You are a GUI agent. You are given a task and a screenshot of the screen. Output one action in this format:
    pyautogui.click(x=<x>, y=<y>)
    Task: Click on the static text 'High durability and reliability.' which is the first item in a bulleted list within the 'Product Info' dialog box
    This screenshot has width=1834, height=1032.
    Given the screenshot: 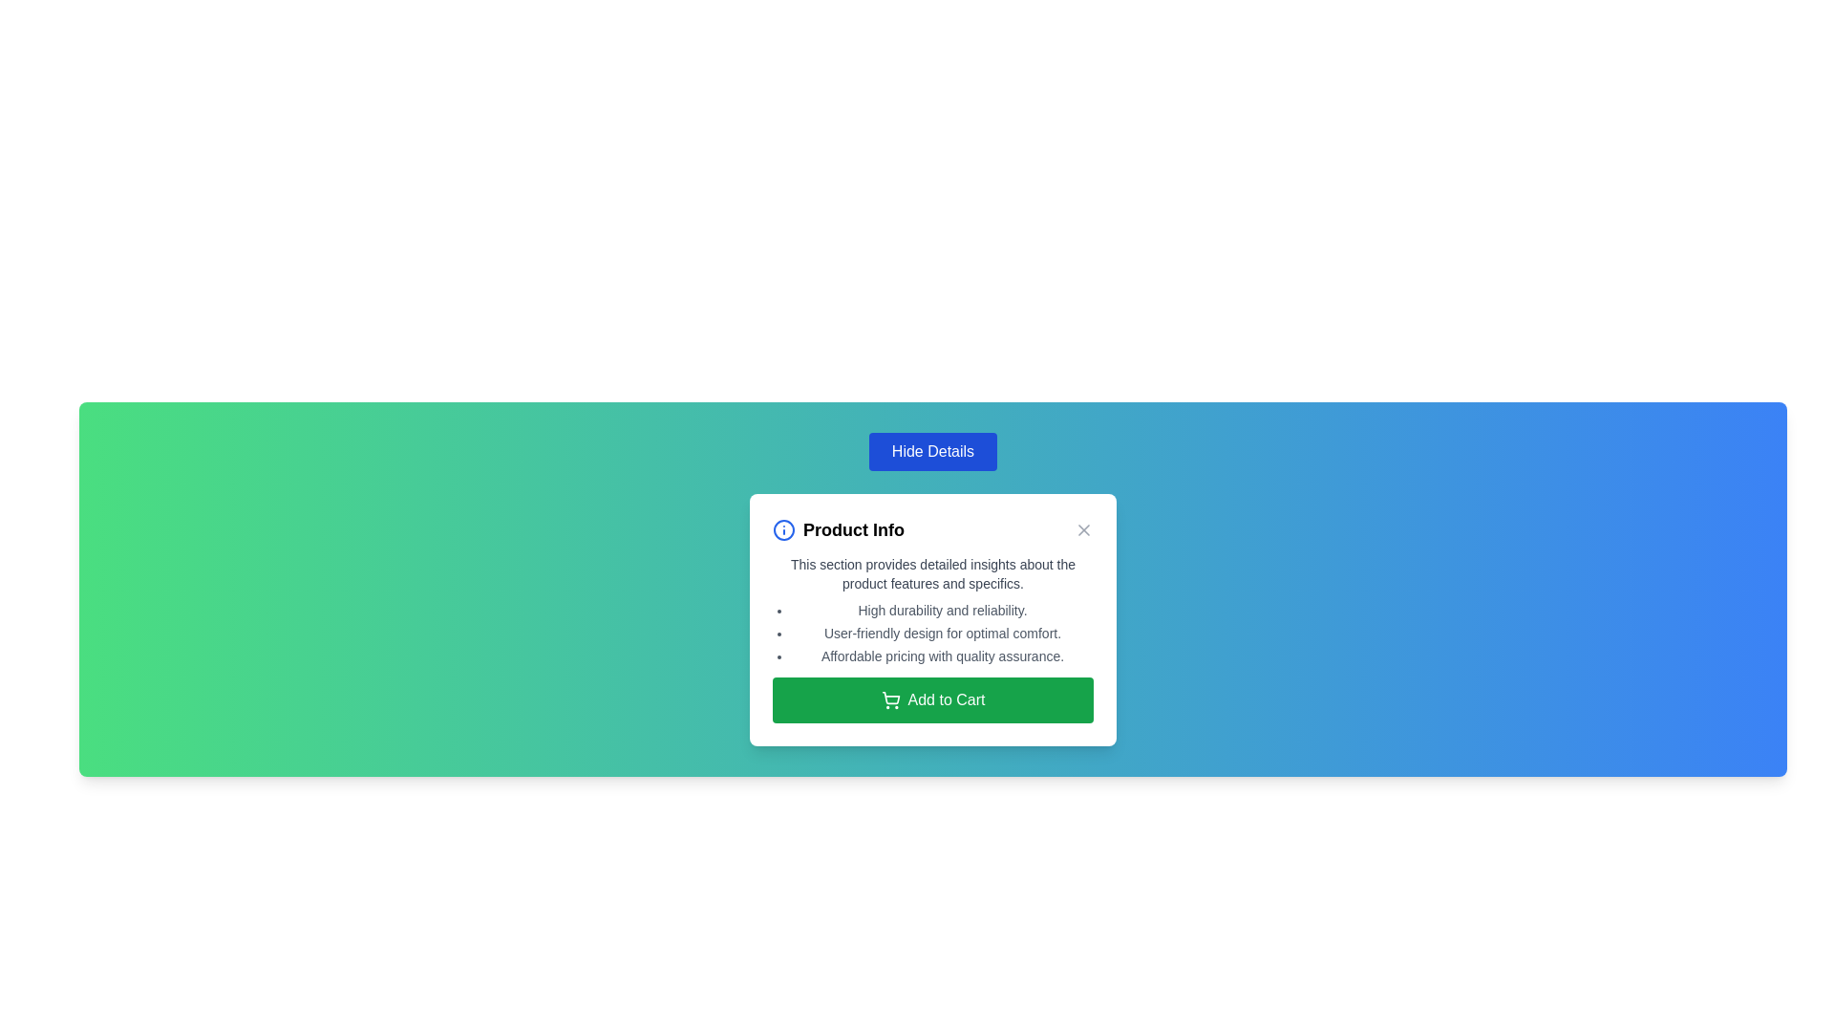 What is the action you would take?
    pyautogui.click(x=943, y=611)
    